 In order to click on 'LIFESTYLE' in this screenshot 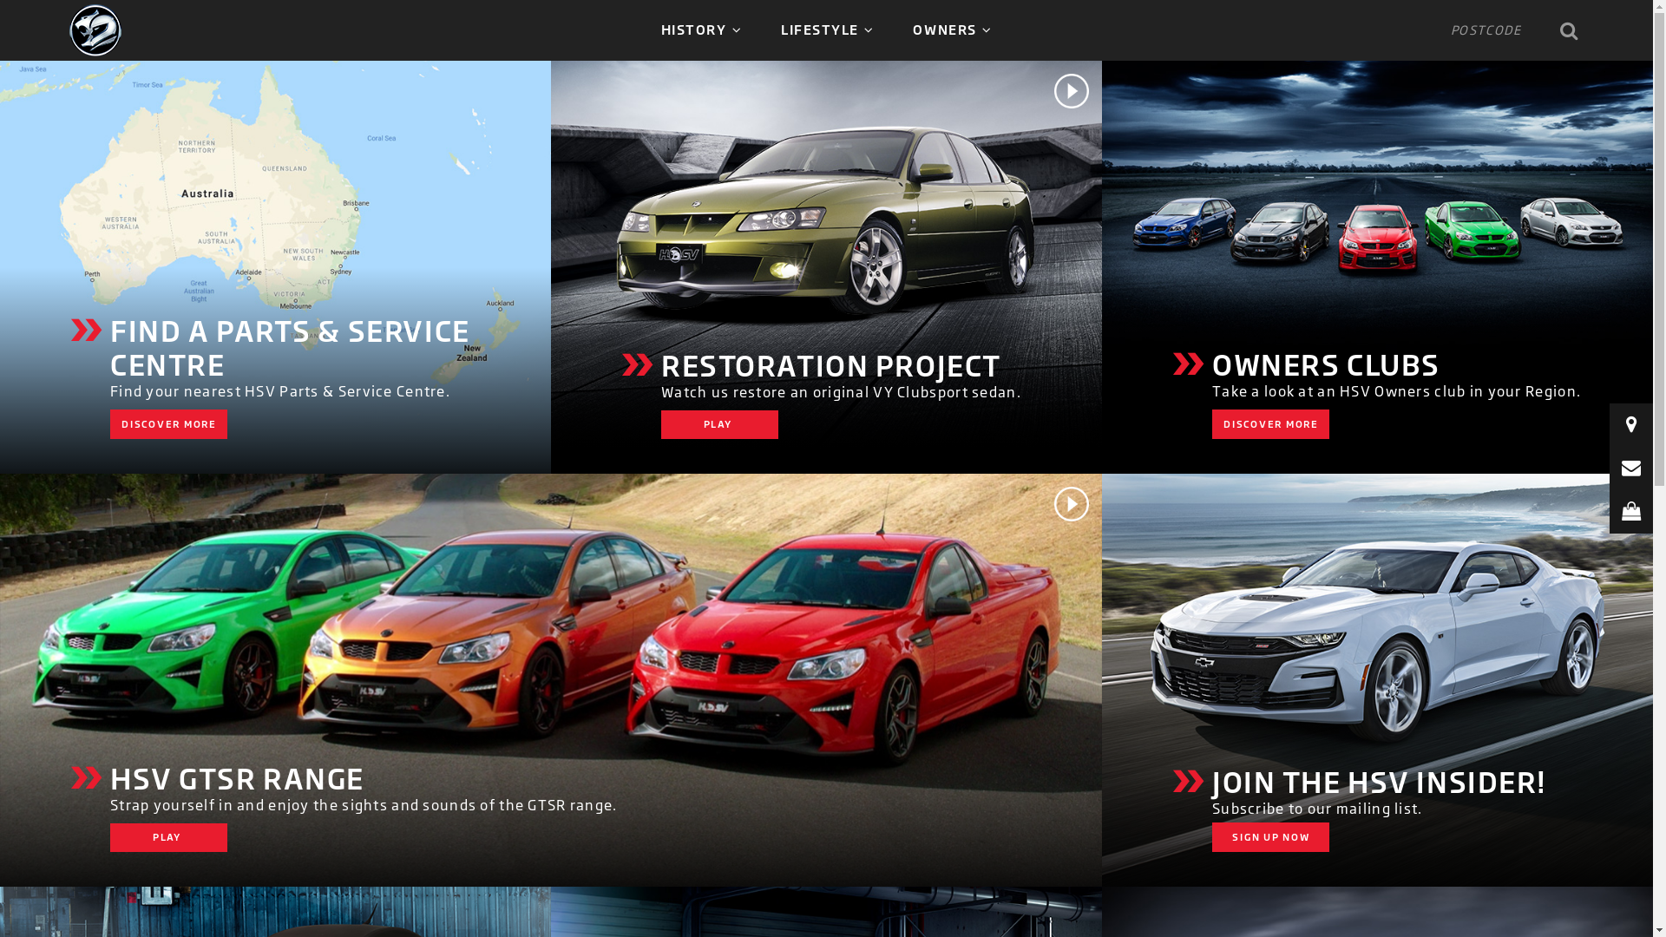, I will do `click(826, 29)`.